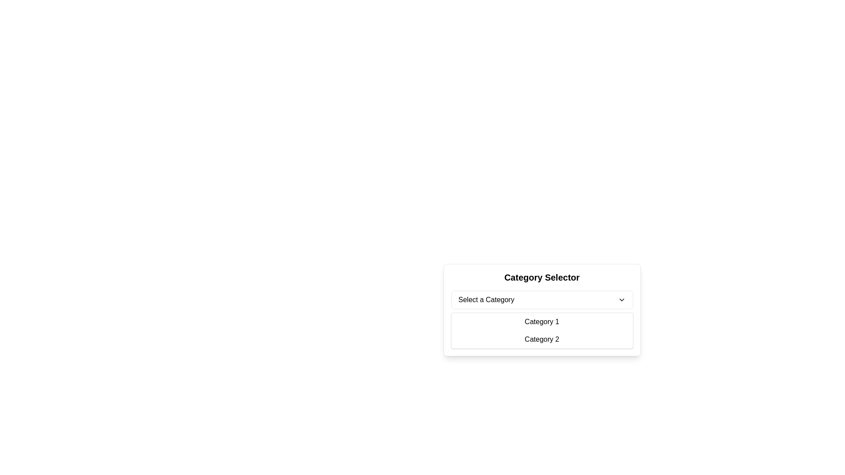 The width and height of the screenshot is (845, 475). Describe the element at coordinates (621, 300) in the screenshot. I see `the dropdown toggle icon located on the right side of the 'Select a Category' UI component` at that location.